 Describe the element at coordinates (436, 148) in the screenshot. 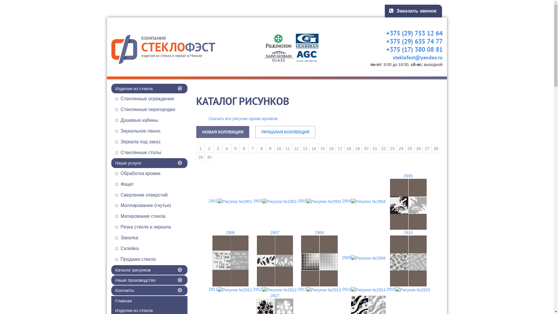

I see `'28'` at that location.